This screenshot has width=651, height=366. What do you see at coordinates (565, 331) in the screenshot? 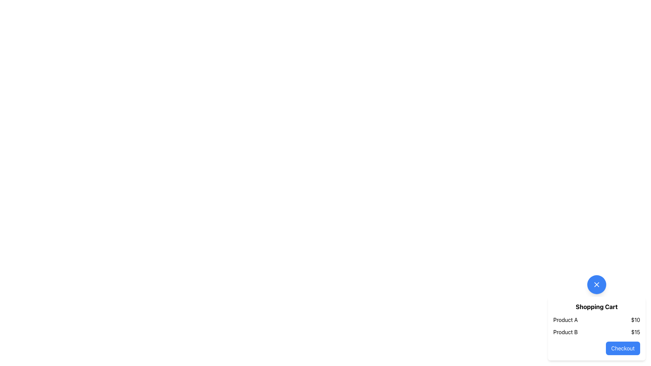
I see `the text label indicating the name of the product currently listed in the shopping cart, located beneath 'Product A' and its price, in the lower part of the shopping cart section` at bounding box center [565, 331].